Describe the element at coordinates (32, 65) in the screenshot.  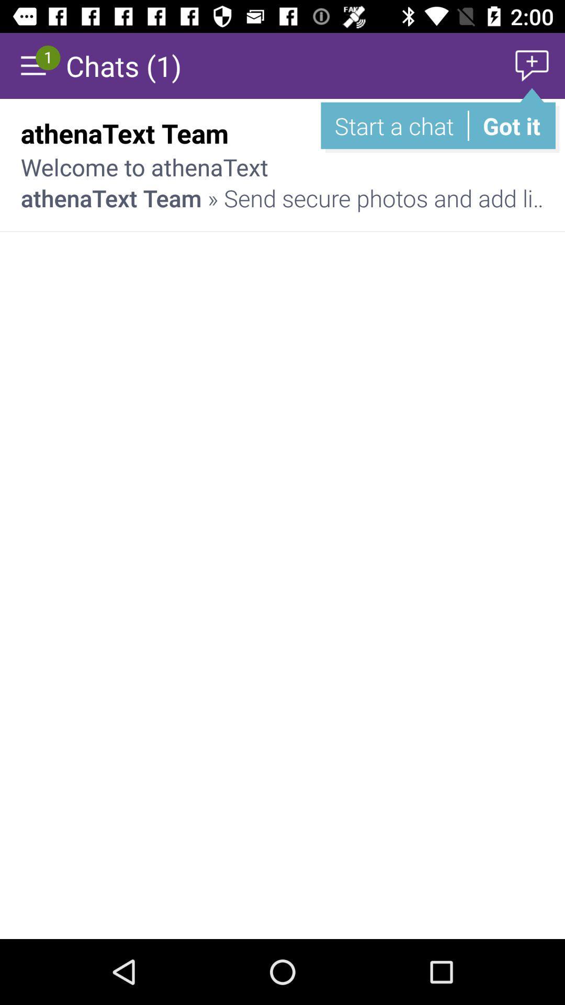
I see `display menu options` at that location.